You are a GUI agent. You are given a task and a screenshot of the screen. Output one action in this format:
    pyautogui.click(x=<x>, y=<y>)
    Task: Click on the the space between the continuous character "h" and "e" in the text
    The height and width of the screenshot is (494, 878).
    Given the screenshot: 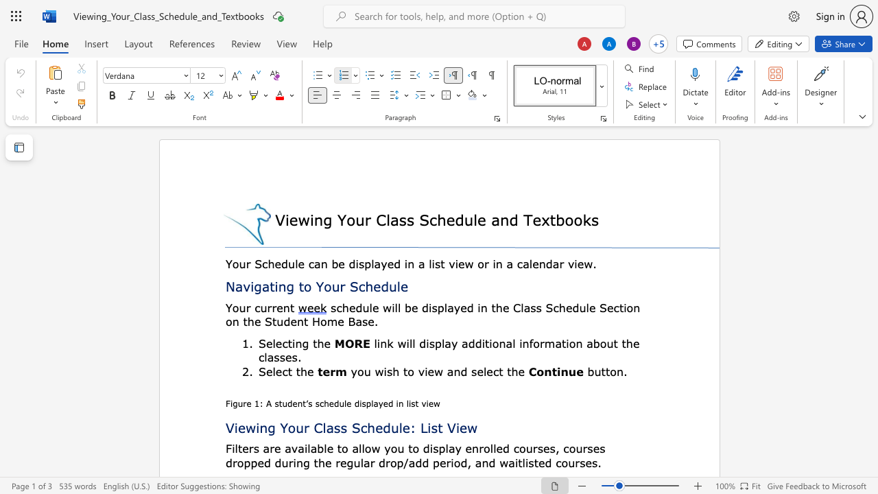 What is the action you would take?
    pyautogui.click(x=375, y=427)
    